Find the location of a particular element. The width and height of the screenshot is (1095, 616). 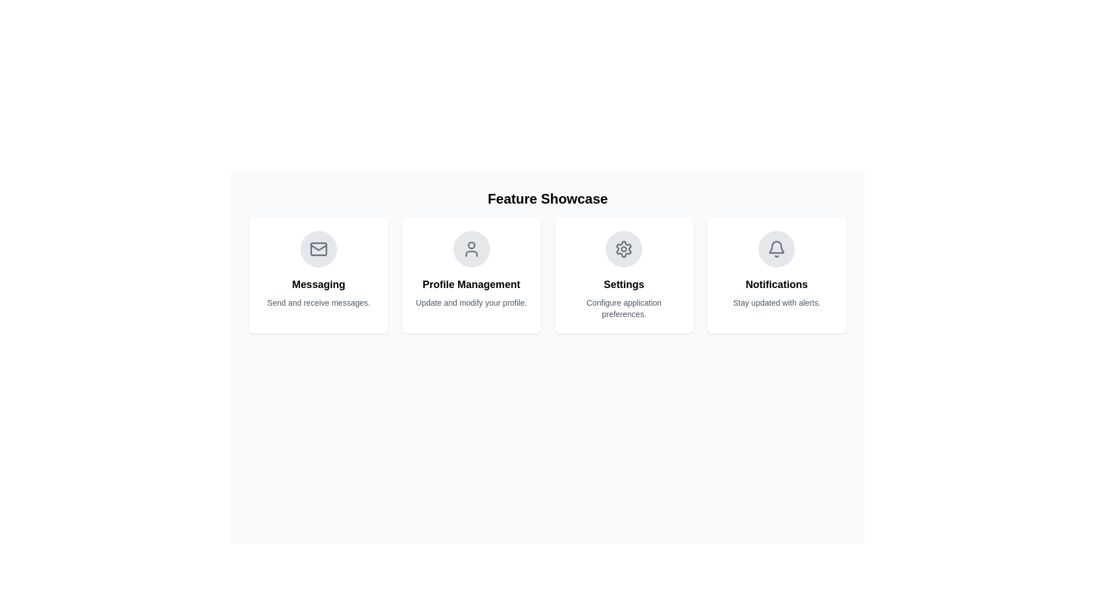

the settings icon button is located at coordinates (623, 248).